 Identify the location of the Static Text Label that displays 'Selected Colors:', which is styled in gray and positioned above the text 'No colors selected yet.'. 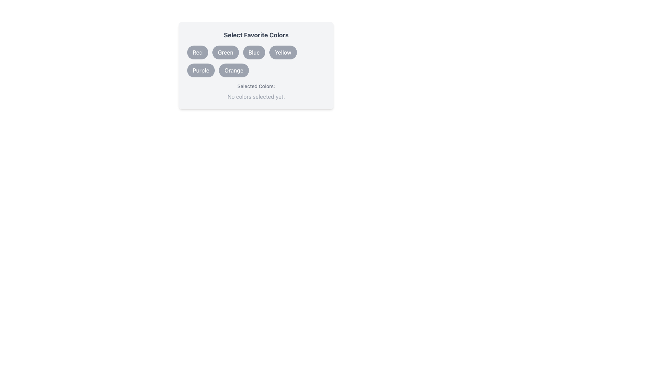
(256, 86).